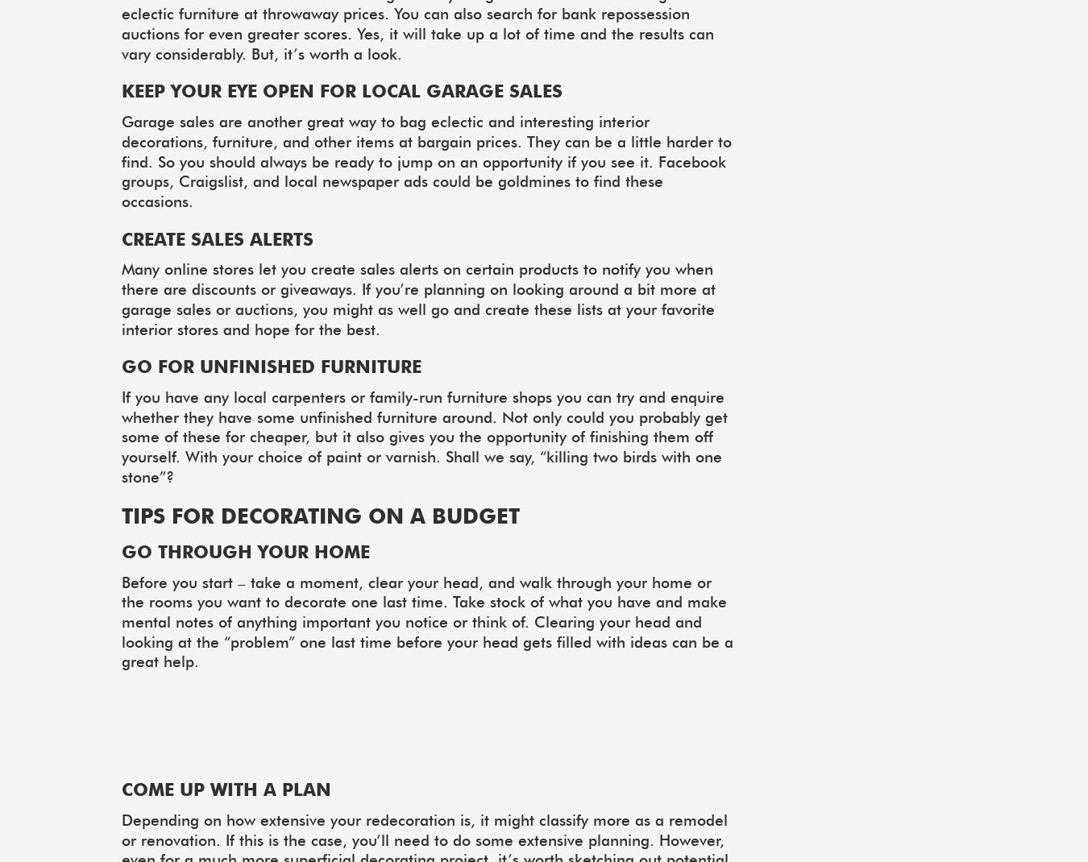 Image resolution: width=1088 pixels, height=862 pixels. I want to click on 'Create sales alerts', so click(122, 238).